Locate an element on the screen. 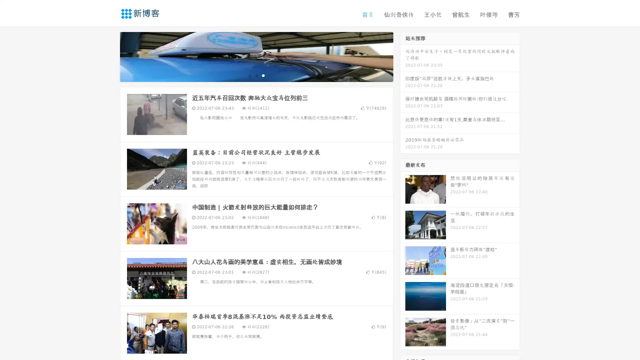 The height and width of the screenshot is (360, 640). Go to slide 3 is located at coordinates (263, 75).